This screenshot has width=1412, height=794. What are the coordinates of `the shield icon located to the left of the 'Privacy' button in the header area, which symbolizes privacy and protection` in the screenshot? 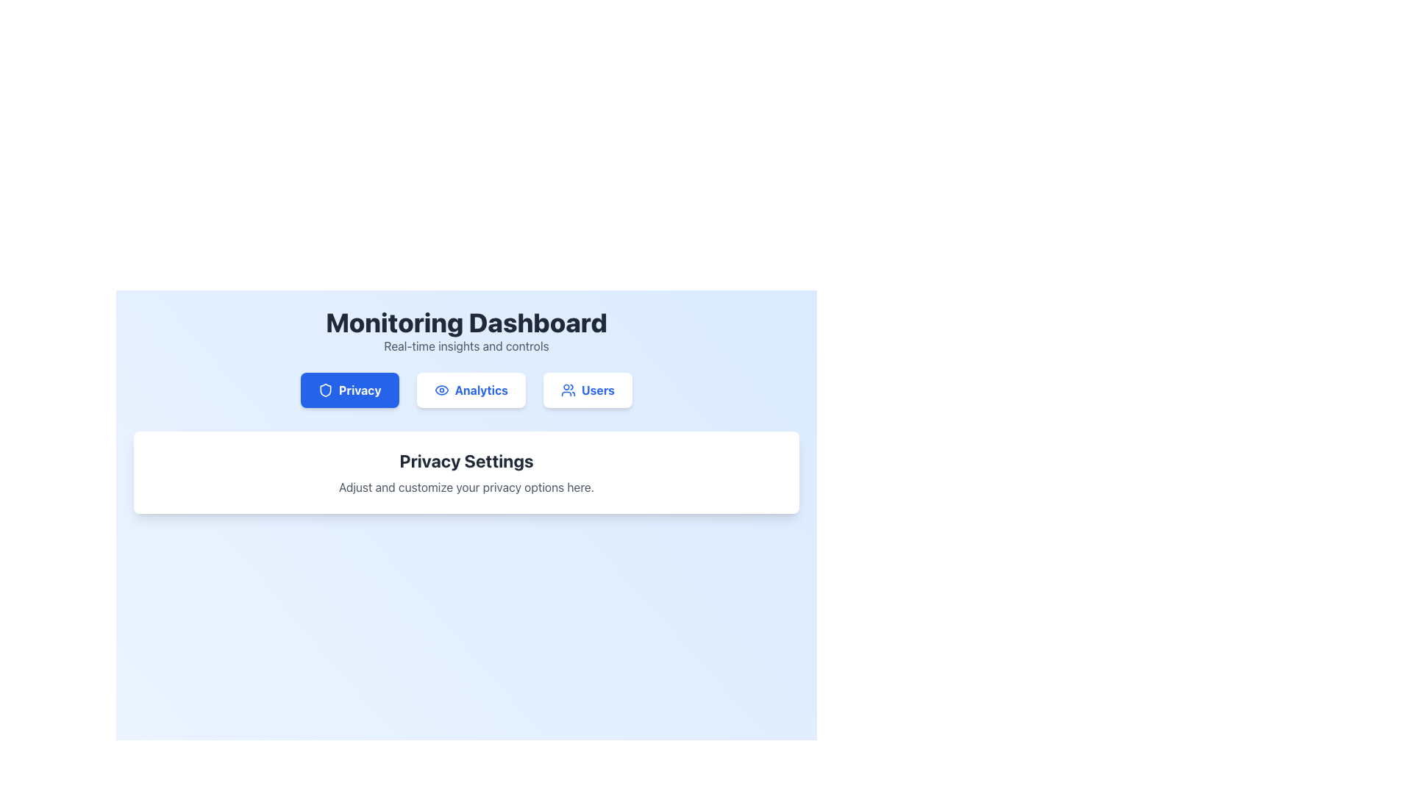 It's located at (324, 390).